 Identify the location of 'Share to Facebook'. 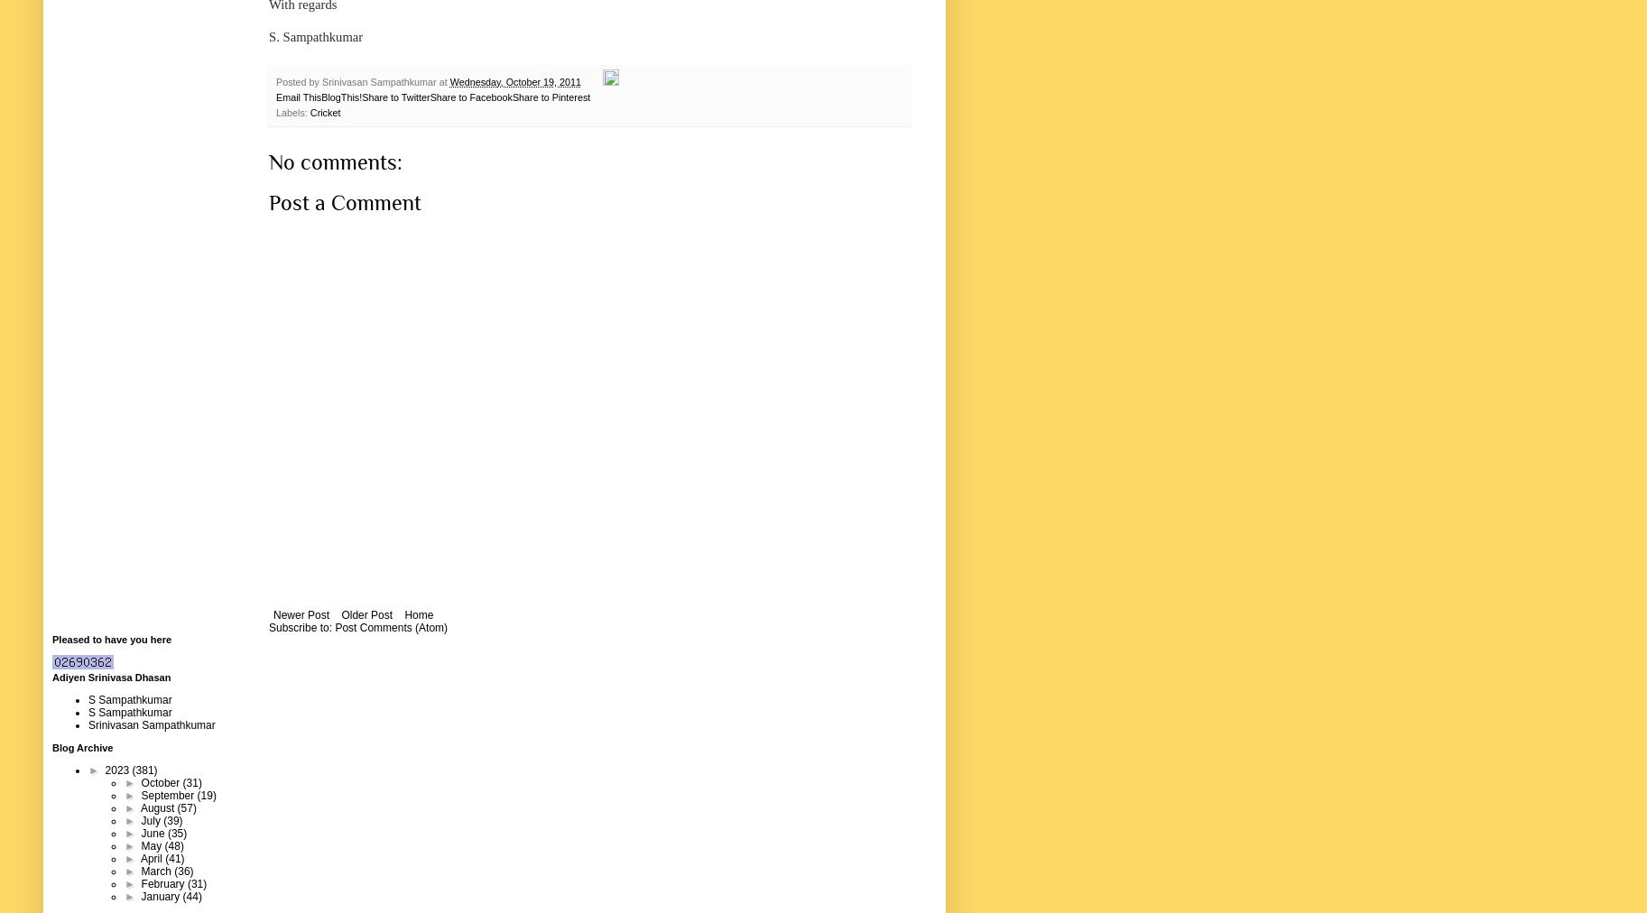
(469, 96).